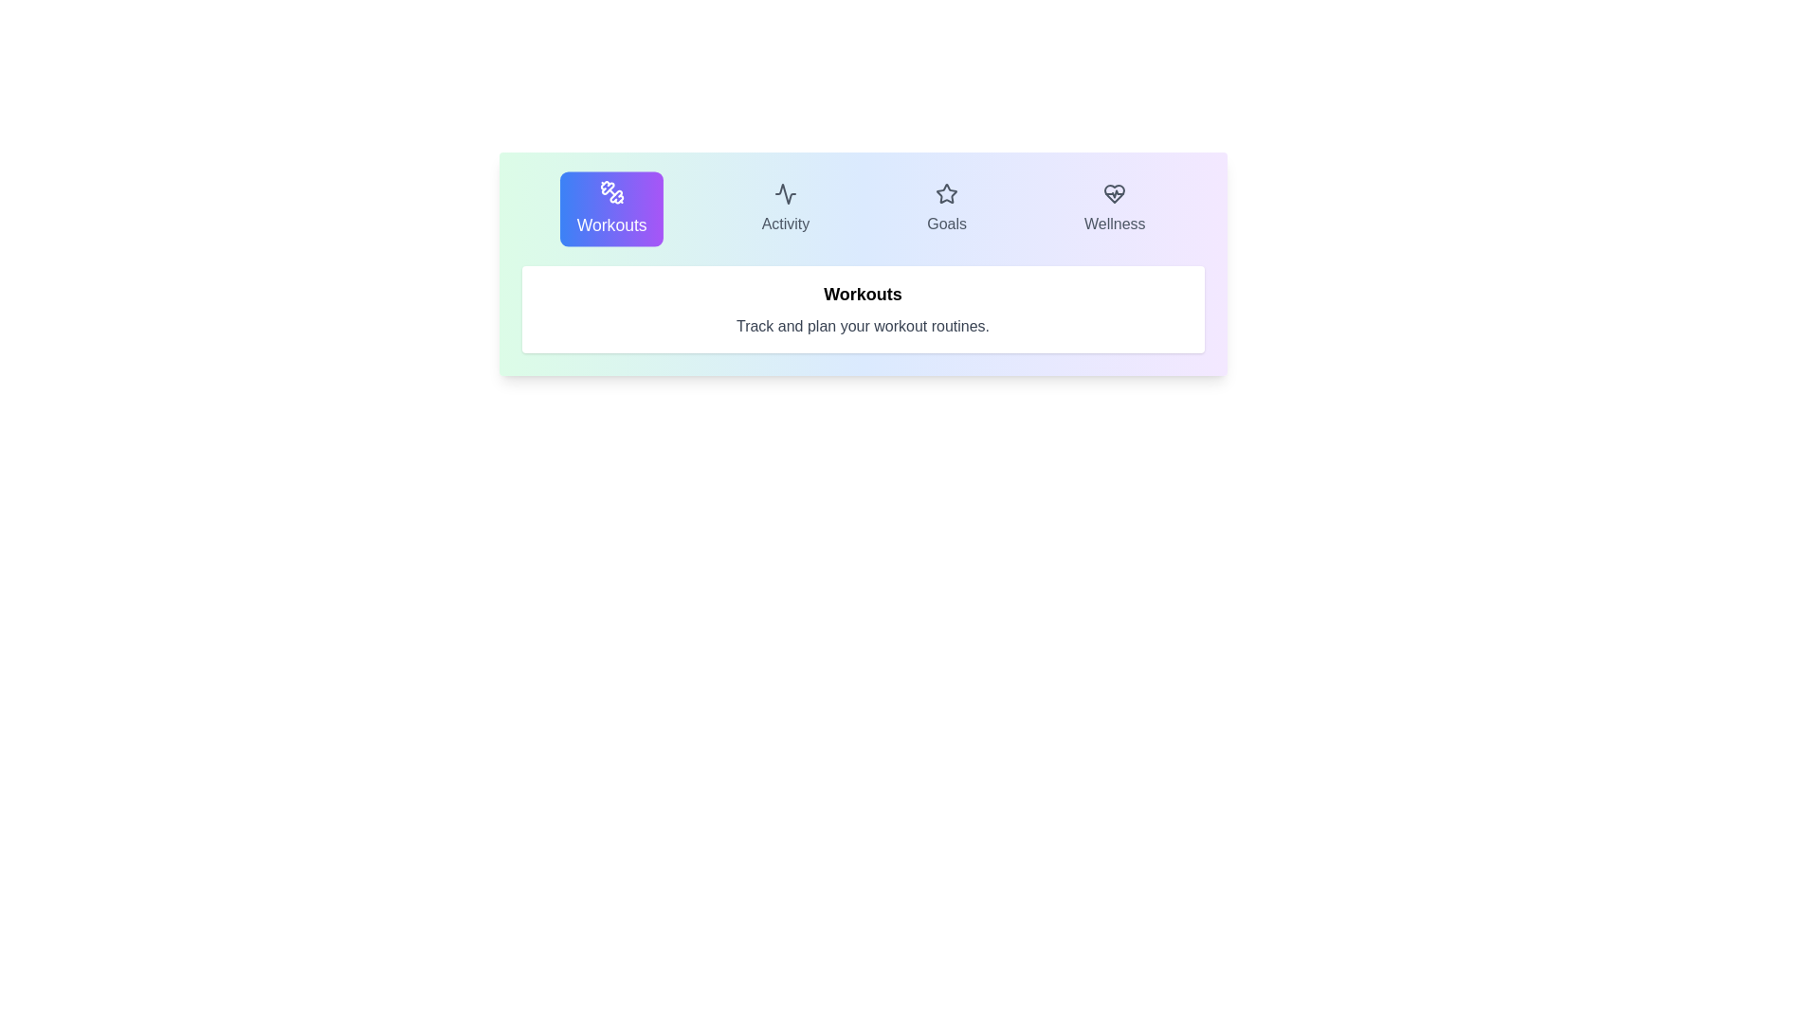  What do you see at coordinates (612, 224) in the screenshot?
I see `the 'Workouts' text label located within the 'Workouts' button` at bounding box center [612, 224].